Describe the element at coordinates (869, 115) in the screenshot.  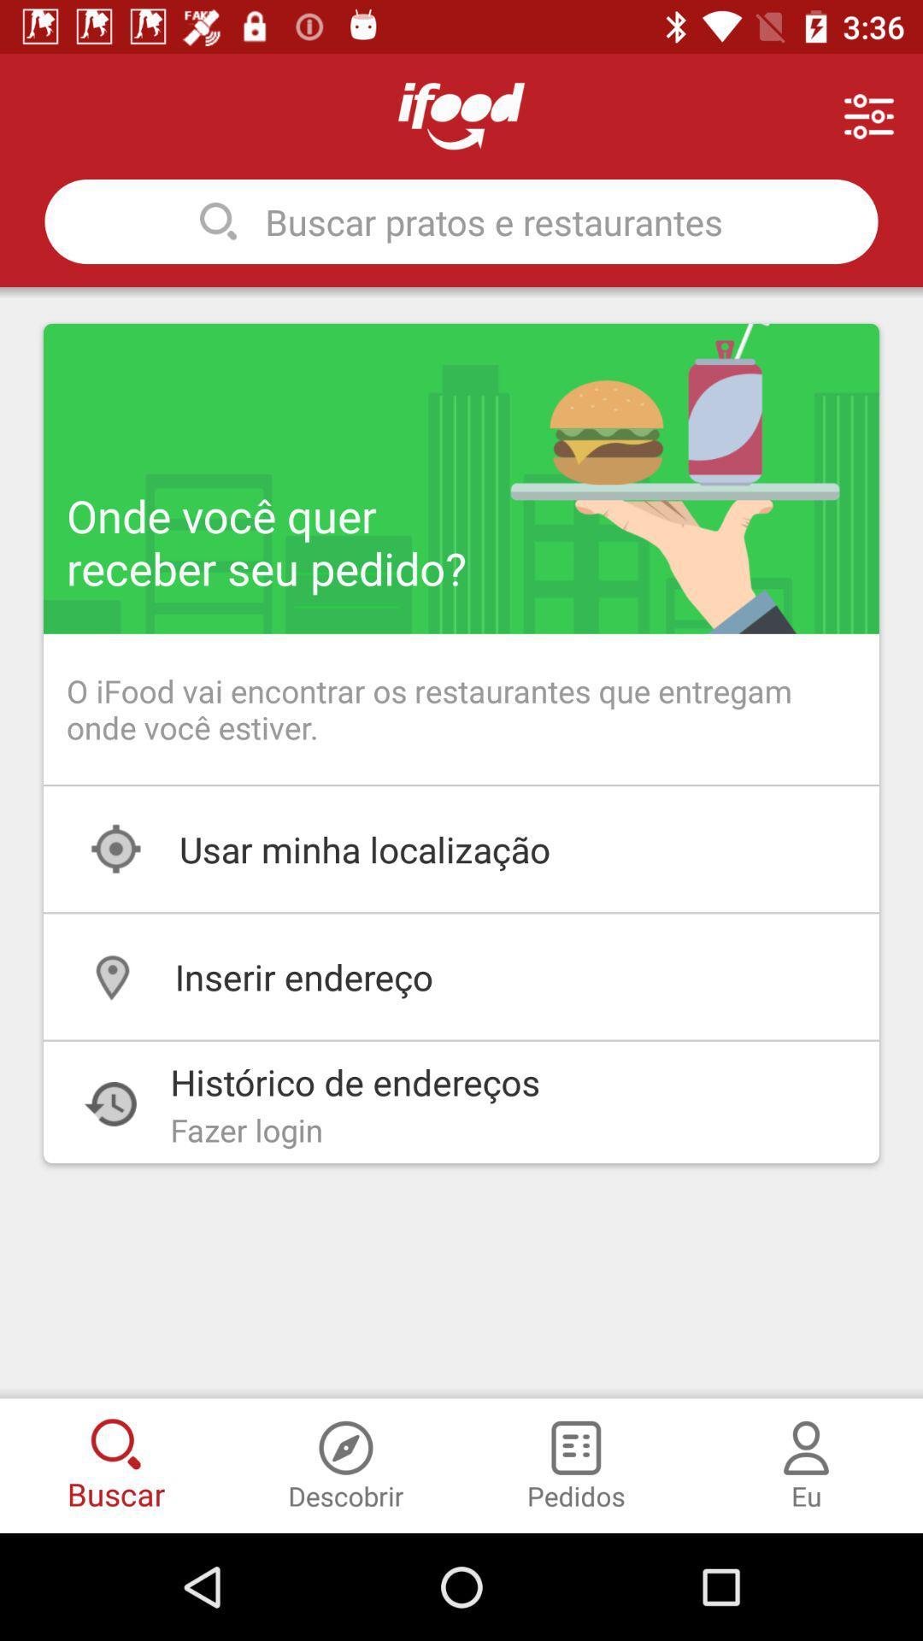
I see `item at the top right corner` at that location.